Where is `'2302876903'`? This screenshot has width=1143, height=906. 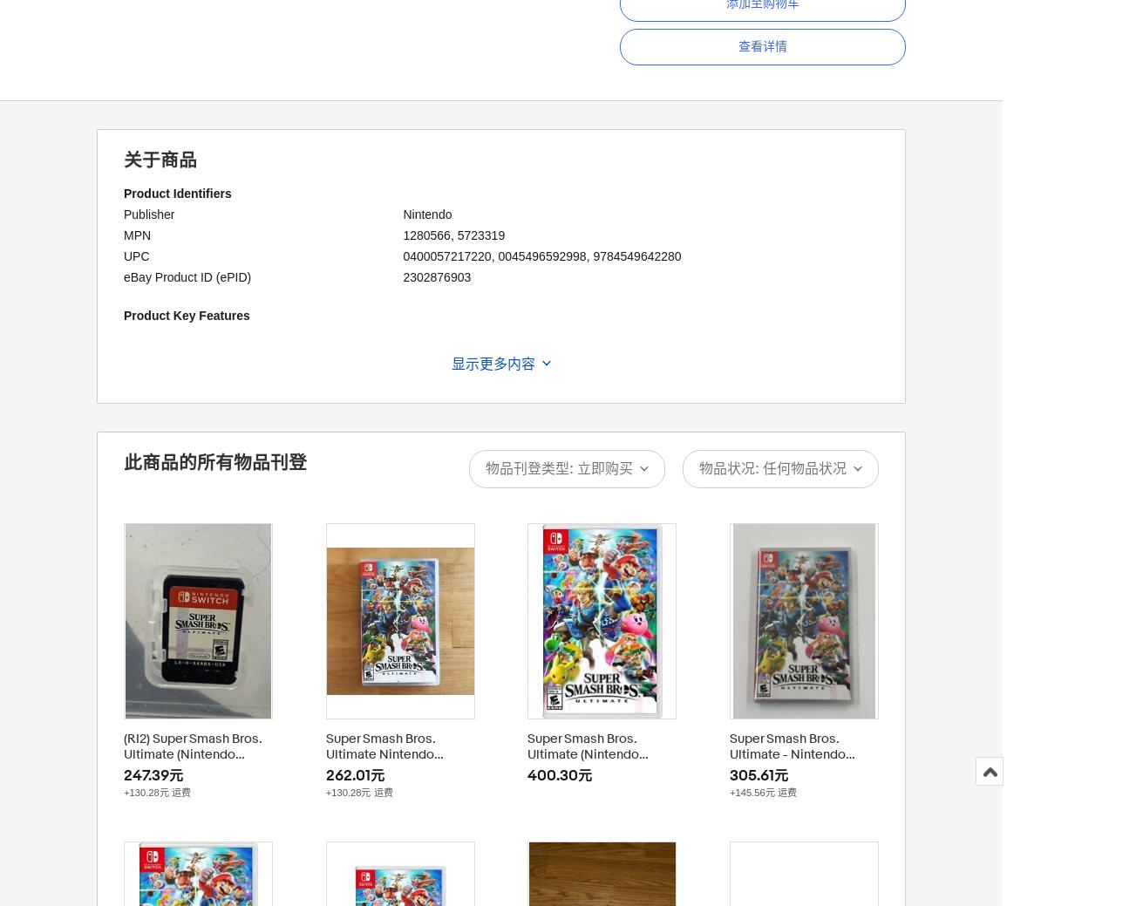
'2302876903' is located at coordinates (436, 276).